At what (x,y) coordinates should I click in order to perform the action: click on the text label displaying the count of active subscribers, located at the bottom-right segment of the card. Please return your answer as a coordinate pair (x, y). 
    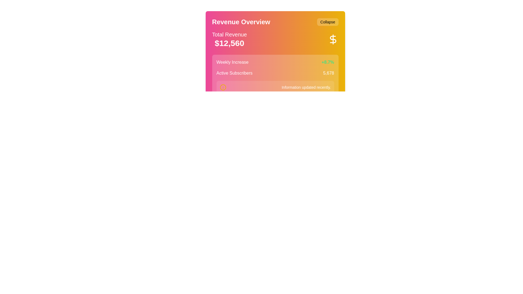
    Looking at the image, I should click on (328, 73).